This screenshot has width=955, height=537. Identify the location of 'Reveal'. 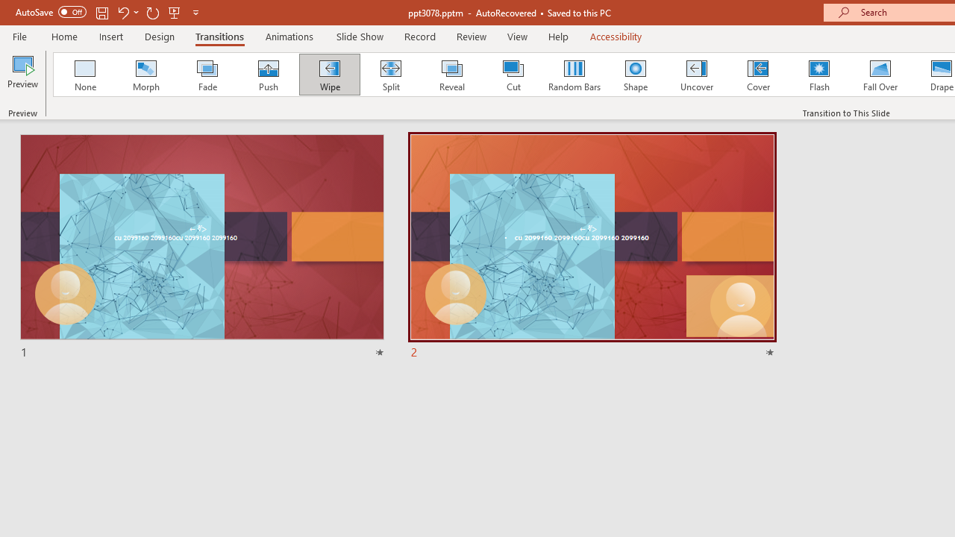
(451, 75).